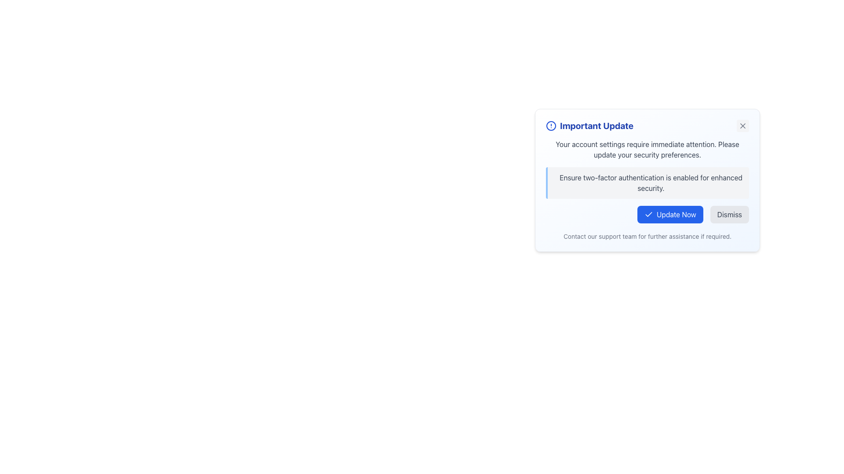 Image resolution: width=844 pixels, height=474 pixels. I want to click on the Text Label that reads 'Your account settings require immediate attention. Please update your security preferences.' located in the modal box under the title 'Important Update.', so click(648, 149).